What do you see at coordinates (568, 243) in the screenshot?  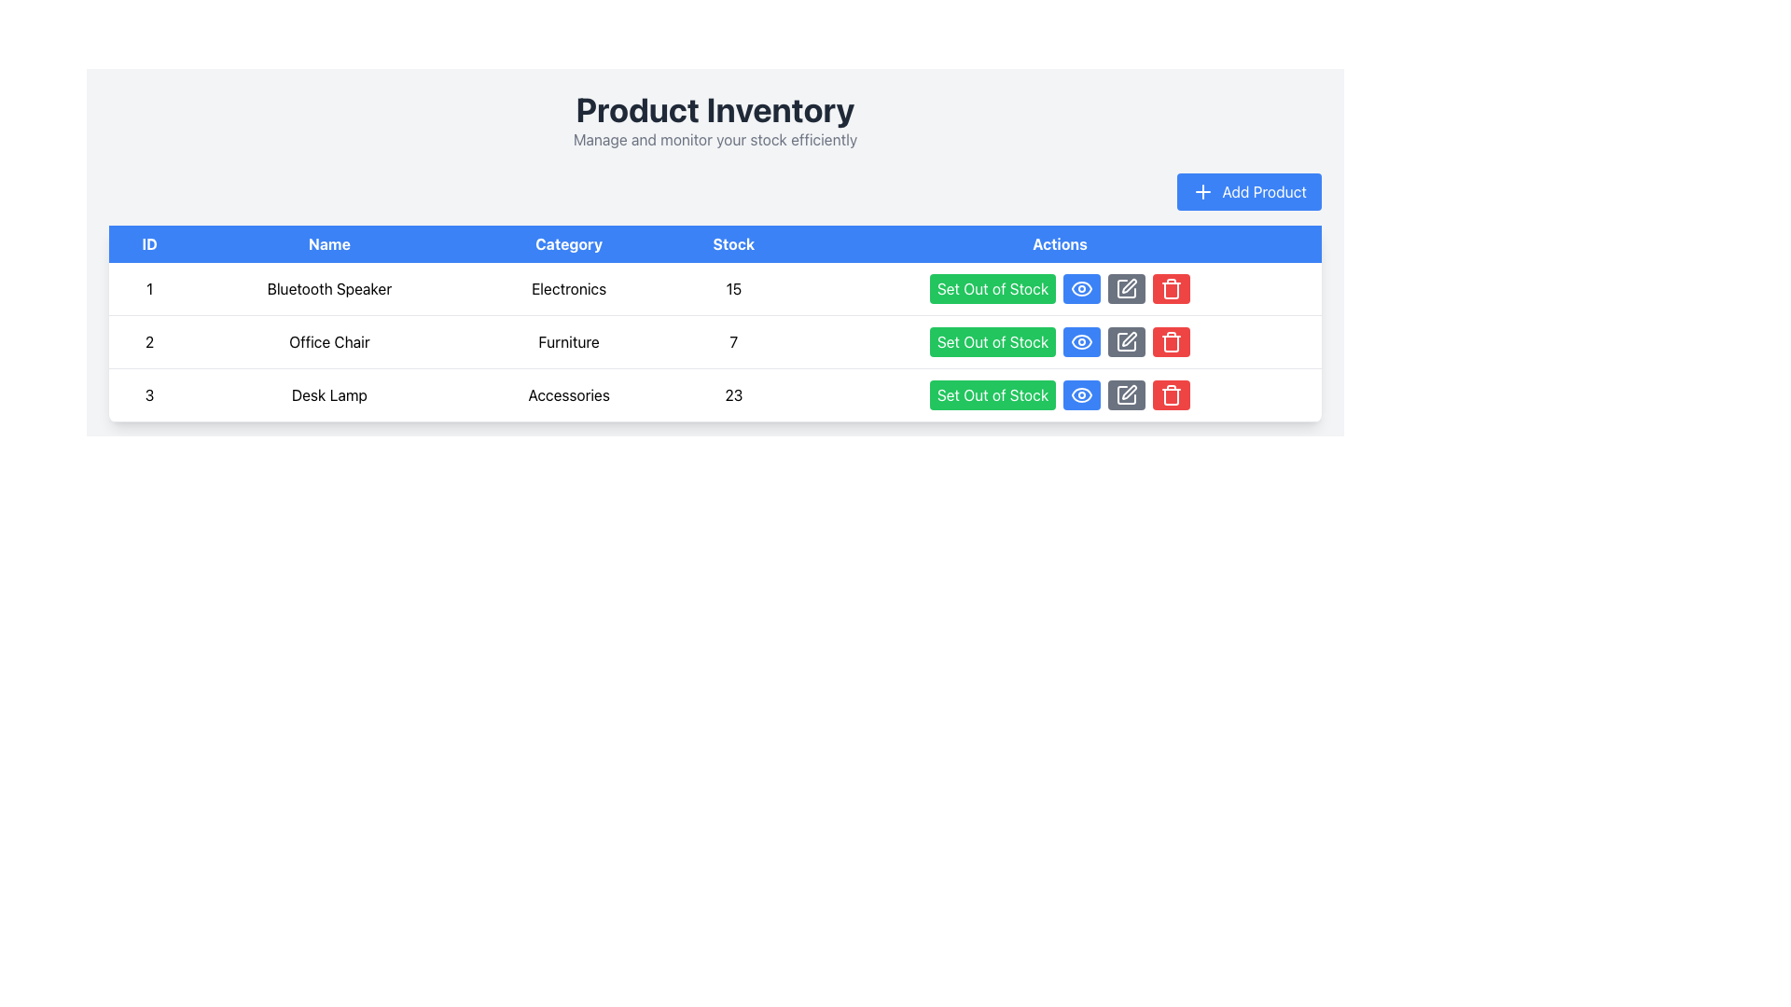 I see `the Table Header Cell labeled 'Category', which has white text on a blue background and is the third cell in the horizontal header row of the table` at bounding box center [568, 243].